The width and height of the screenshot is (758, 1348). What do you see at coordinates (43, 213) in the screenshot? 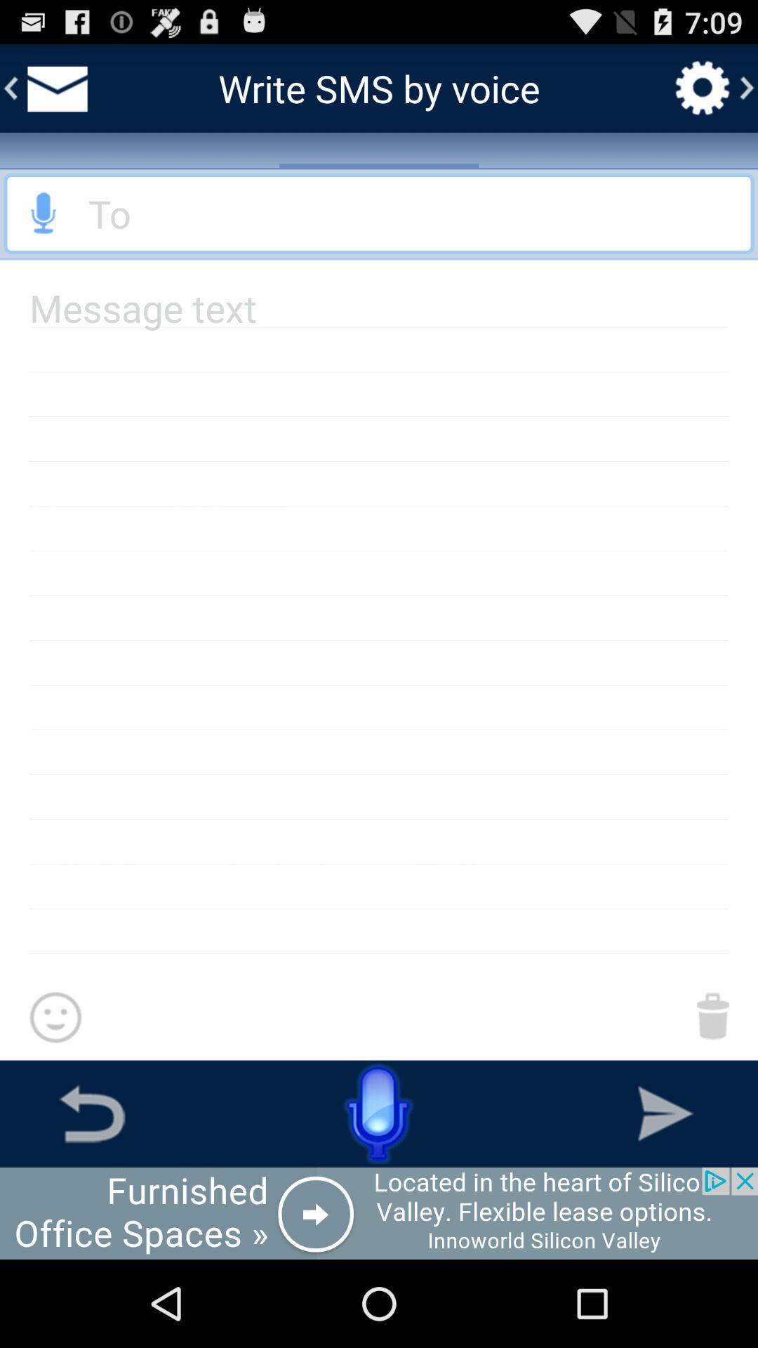
I see `microphone` at bounding box center [43, 213].